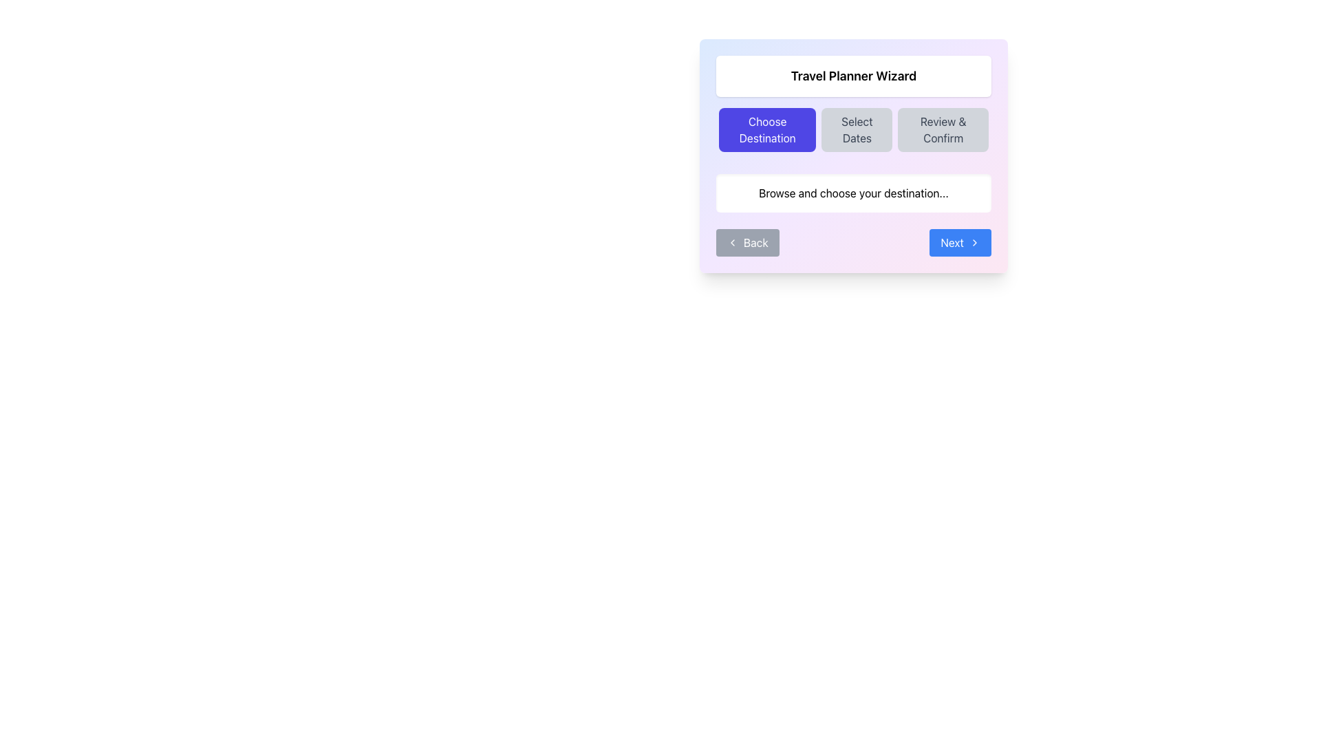 This screenshot has width=1321, height=743. Describe the element at coordinates (943, 130) in the screenshot. I see `the 'Review & Confirm' button located as the third button in a horizontal series of three, positioned below the 'Travel Planner Wizard' heading` at that location.